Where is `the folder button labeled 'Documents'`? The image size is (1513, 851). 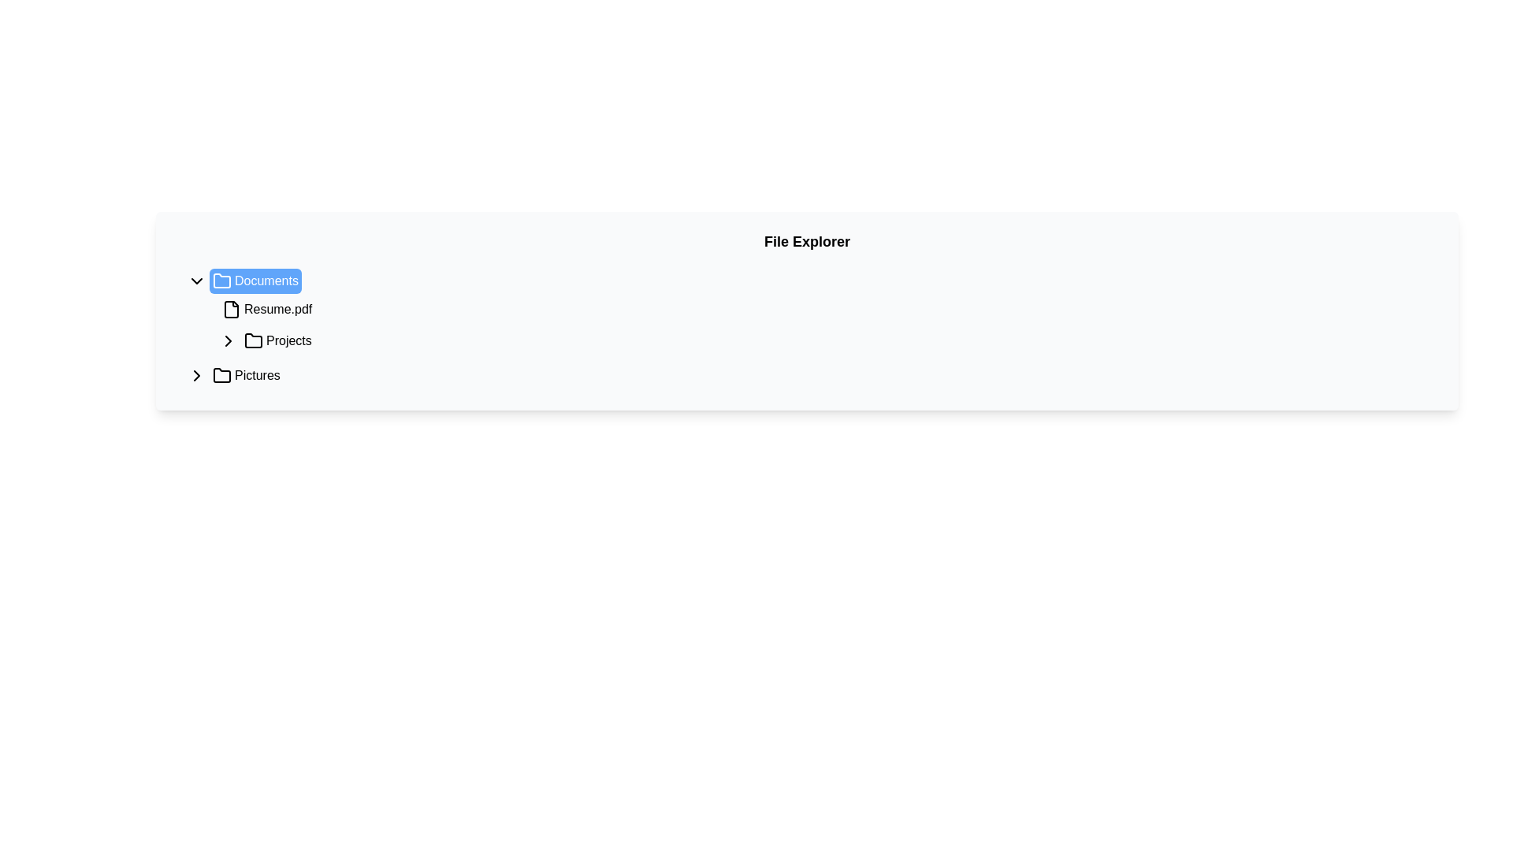 the folder button labeled 'Documents' is located at coordinates (255, 281).